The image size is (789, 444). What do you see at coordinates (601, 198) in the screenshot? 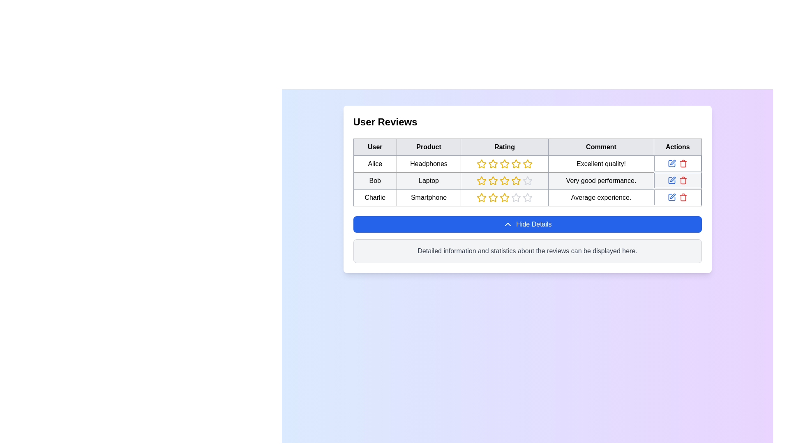
I see `displayed text from the table cell labeled 'Average experience.' located in the fourth column of the third row of the 'User Reviews' section` at bounding box center [601, 198].